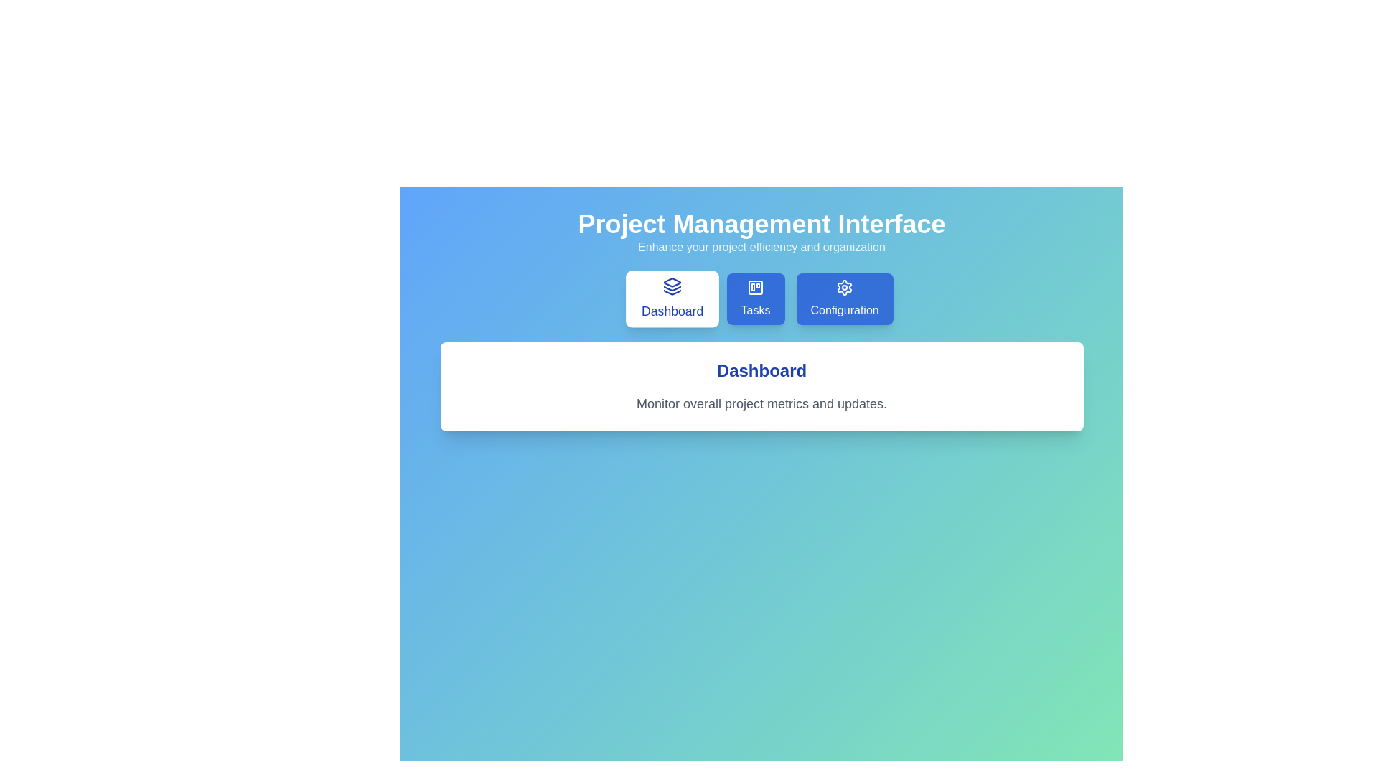 The height and width of the screenshot is (775, 1378). Describe the element at coordinates (755, 298) in the screenshot. I see `the tab labeled Tasks` at that location.